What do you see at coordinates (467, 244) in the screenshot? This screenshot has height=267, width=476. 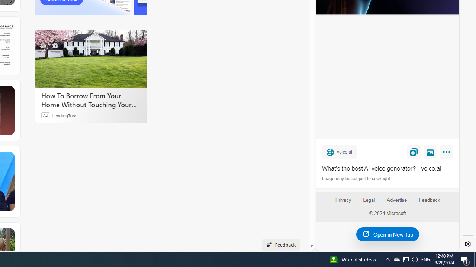 I see `'Settings'` at bounding box center [467, 244].